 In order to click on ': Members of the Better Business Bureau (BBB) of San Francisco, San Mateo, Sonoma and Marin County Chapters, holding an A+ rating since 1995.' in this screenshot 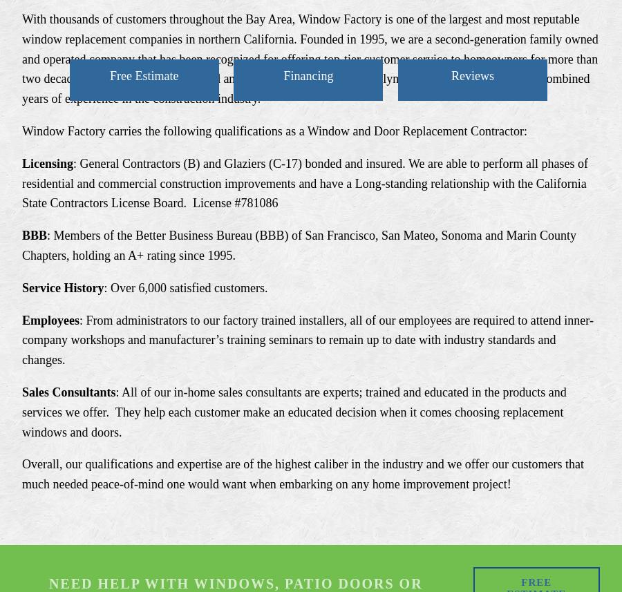, I will do `click(300, 244)`.